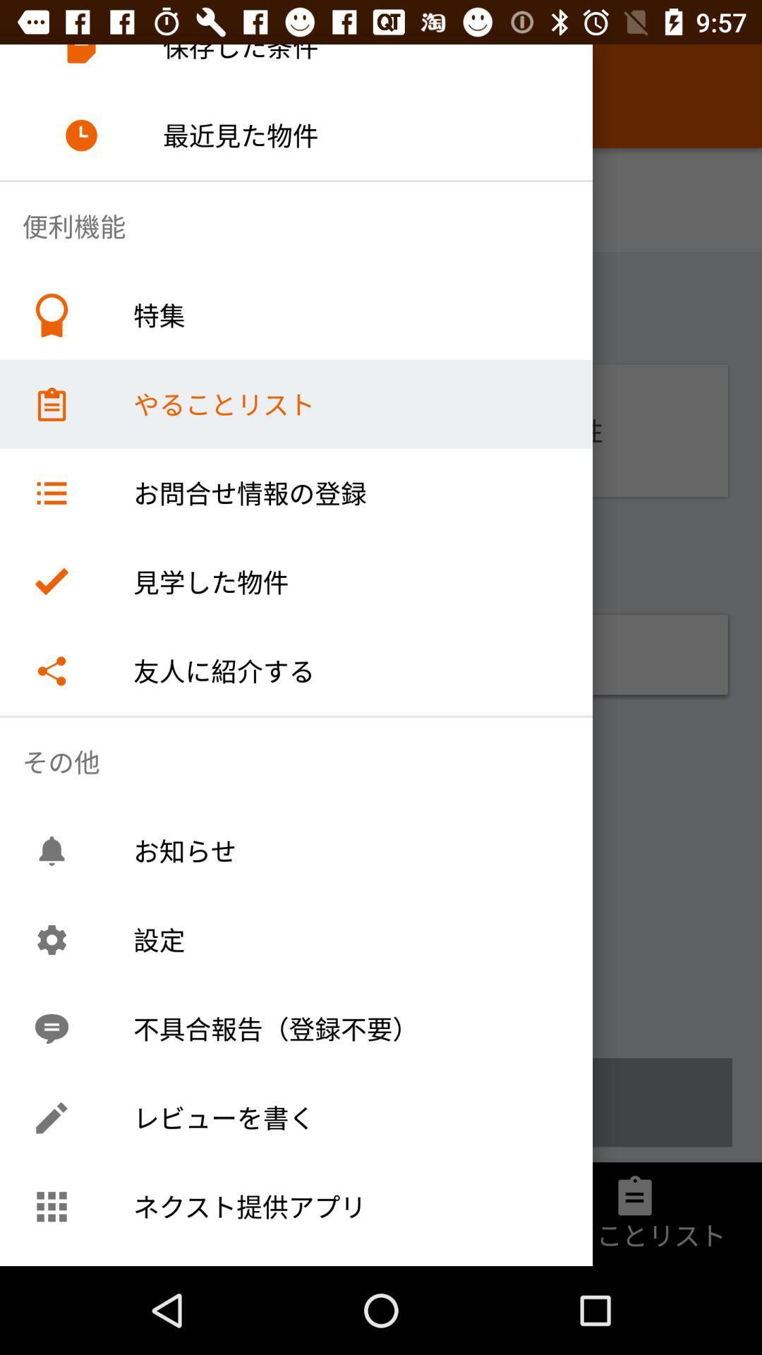 The image size is (762, 1355). Describe the element at coordinates (51, 1117) in the screenshot. I see `second option icon from bottom left corner` at that location.